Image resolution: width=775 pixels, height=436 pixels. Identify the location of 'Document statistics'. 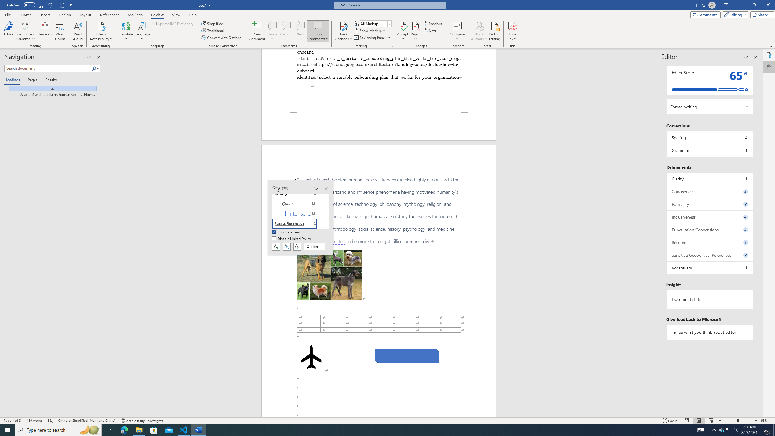
(709, 299).